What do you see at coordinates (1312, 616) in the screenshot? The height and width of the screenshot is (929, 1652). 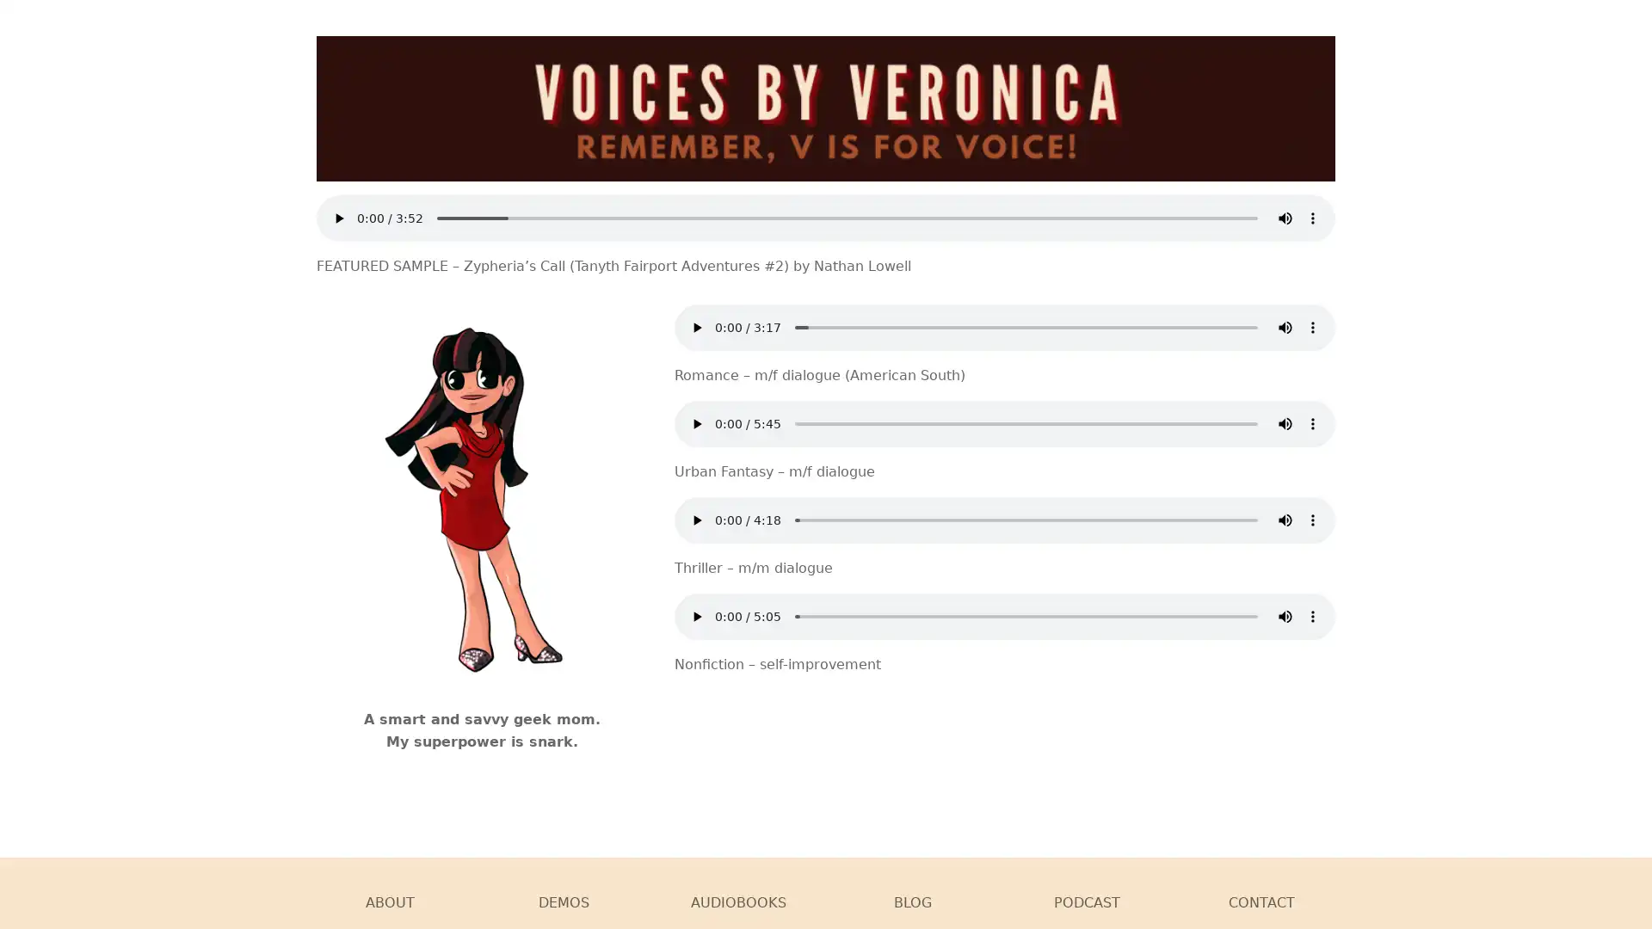 I see `show more media controls` at bounding box center [1312, 616].